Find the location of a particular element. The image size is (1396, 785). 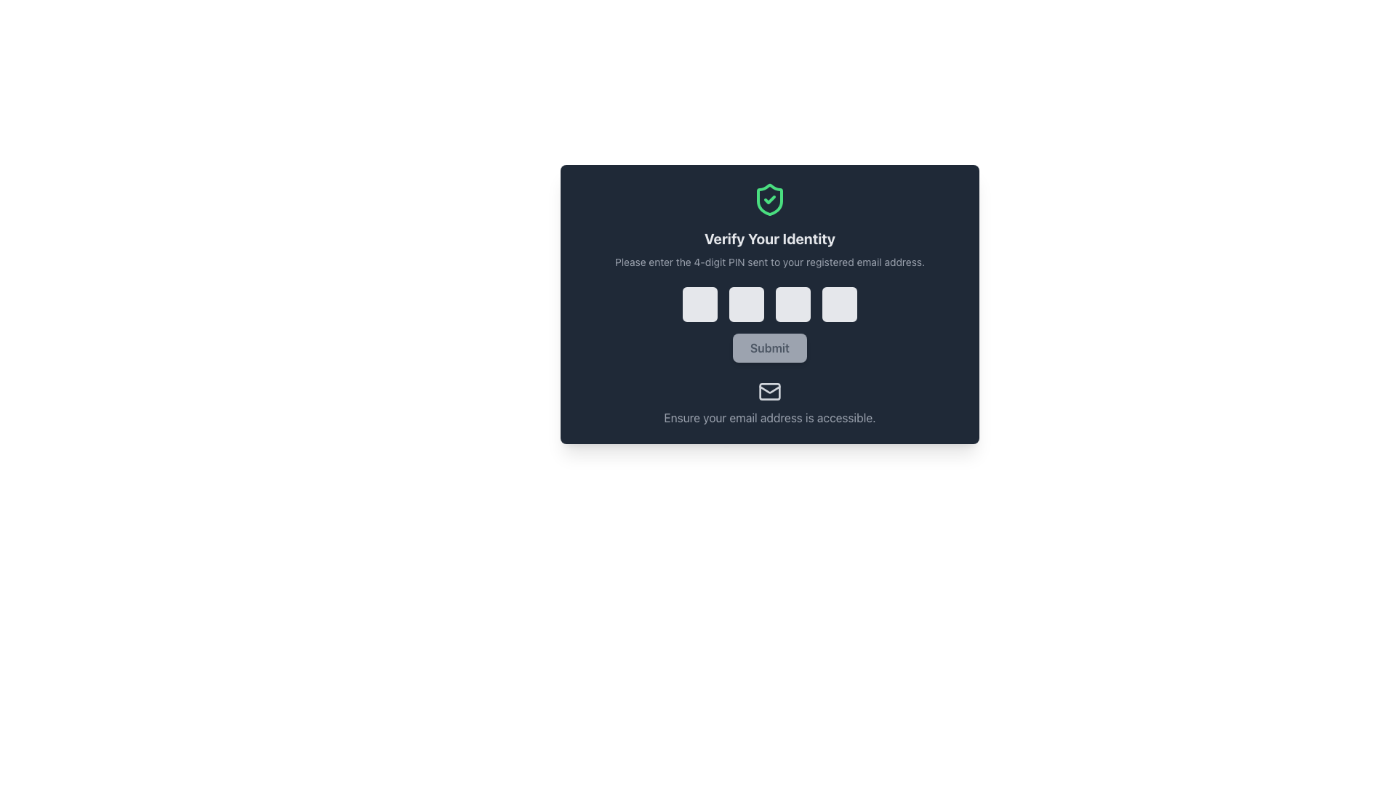

the disabled submit button for PIN verification located at the bottom of the PIN entry layout is located at coordinates (769, 347).